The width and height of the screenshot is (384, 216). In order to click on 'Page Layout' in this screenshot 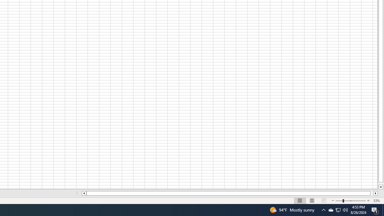, I will do `click(312, 201)`.